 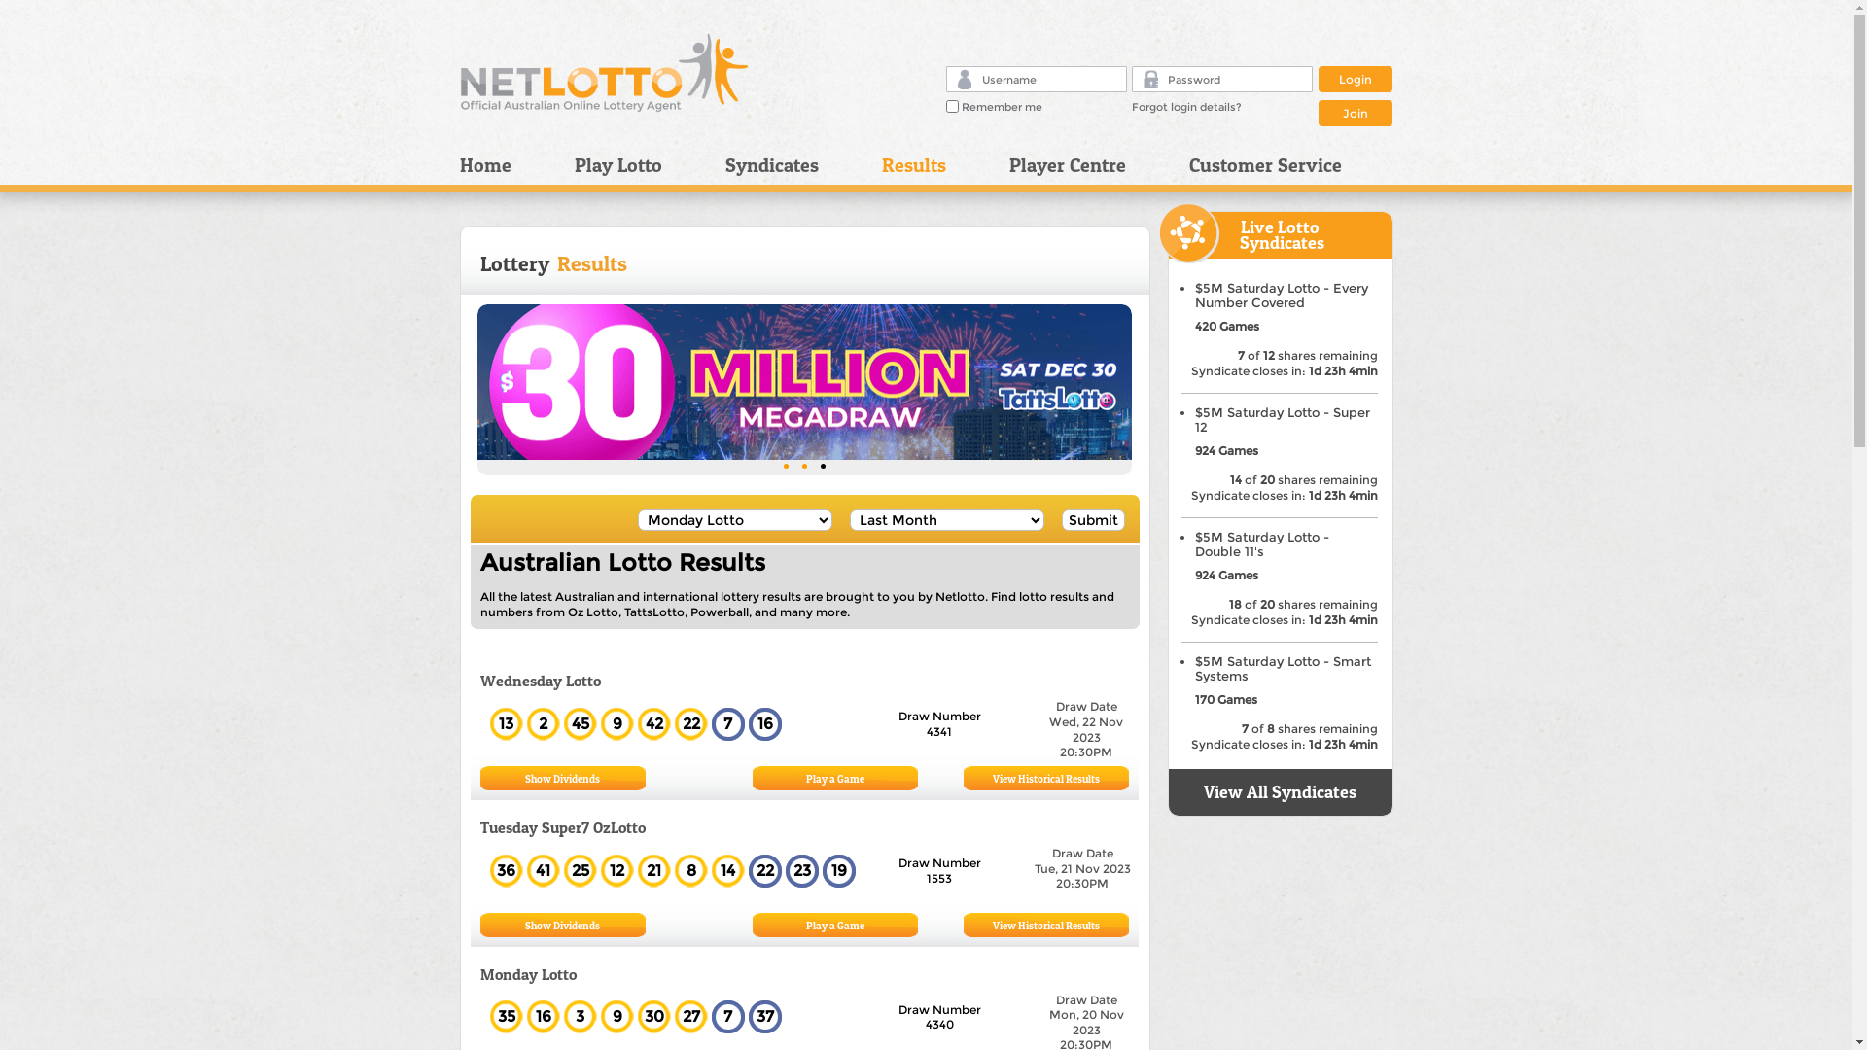 I want to click on '$5M Saturday Lotto - Smart Systems', so click(x=1193, y=667).